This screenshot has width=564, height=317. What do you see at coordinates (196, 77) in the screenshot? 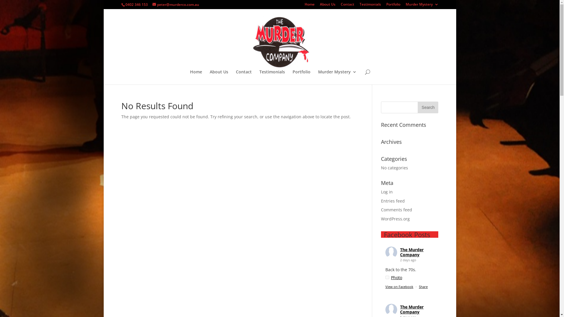
I see `'Home'` at bounding box center [196, 77].